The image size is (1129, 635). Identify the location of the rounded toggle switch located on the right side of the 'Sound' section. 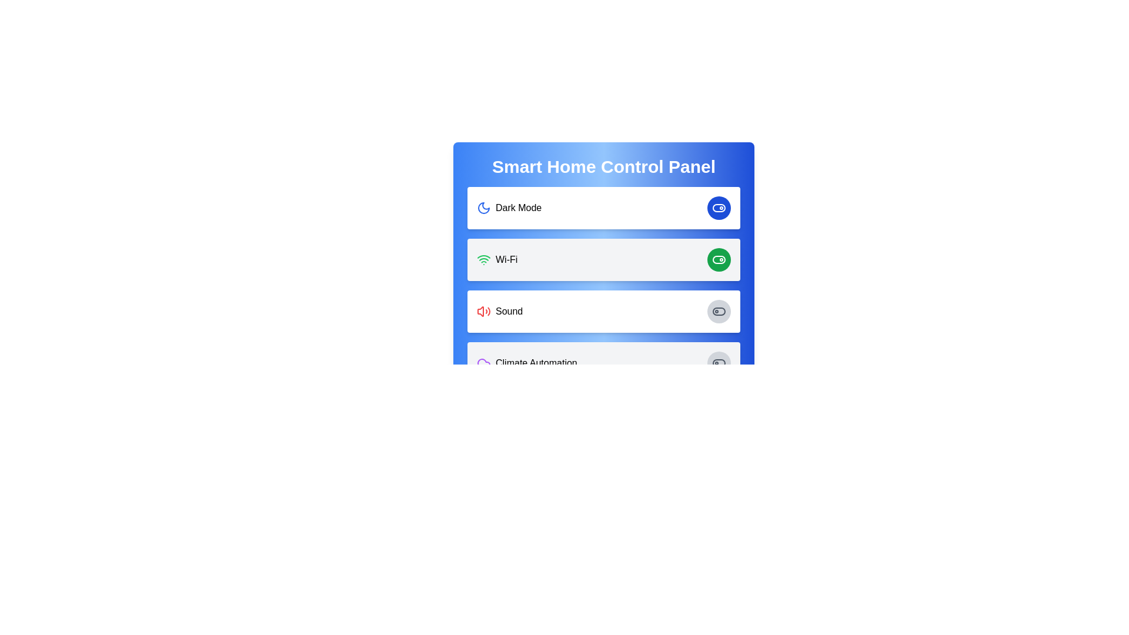
(719, 310).